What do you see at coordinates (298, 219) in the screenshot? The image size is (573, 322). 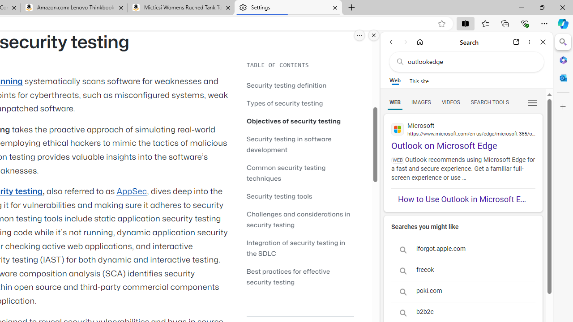 I see `'Challenges and considerations in security testing'` at bounding box center [298, 219].